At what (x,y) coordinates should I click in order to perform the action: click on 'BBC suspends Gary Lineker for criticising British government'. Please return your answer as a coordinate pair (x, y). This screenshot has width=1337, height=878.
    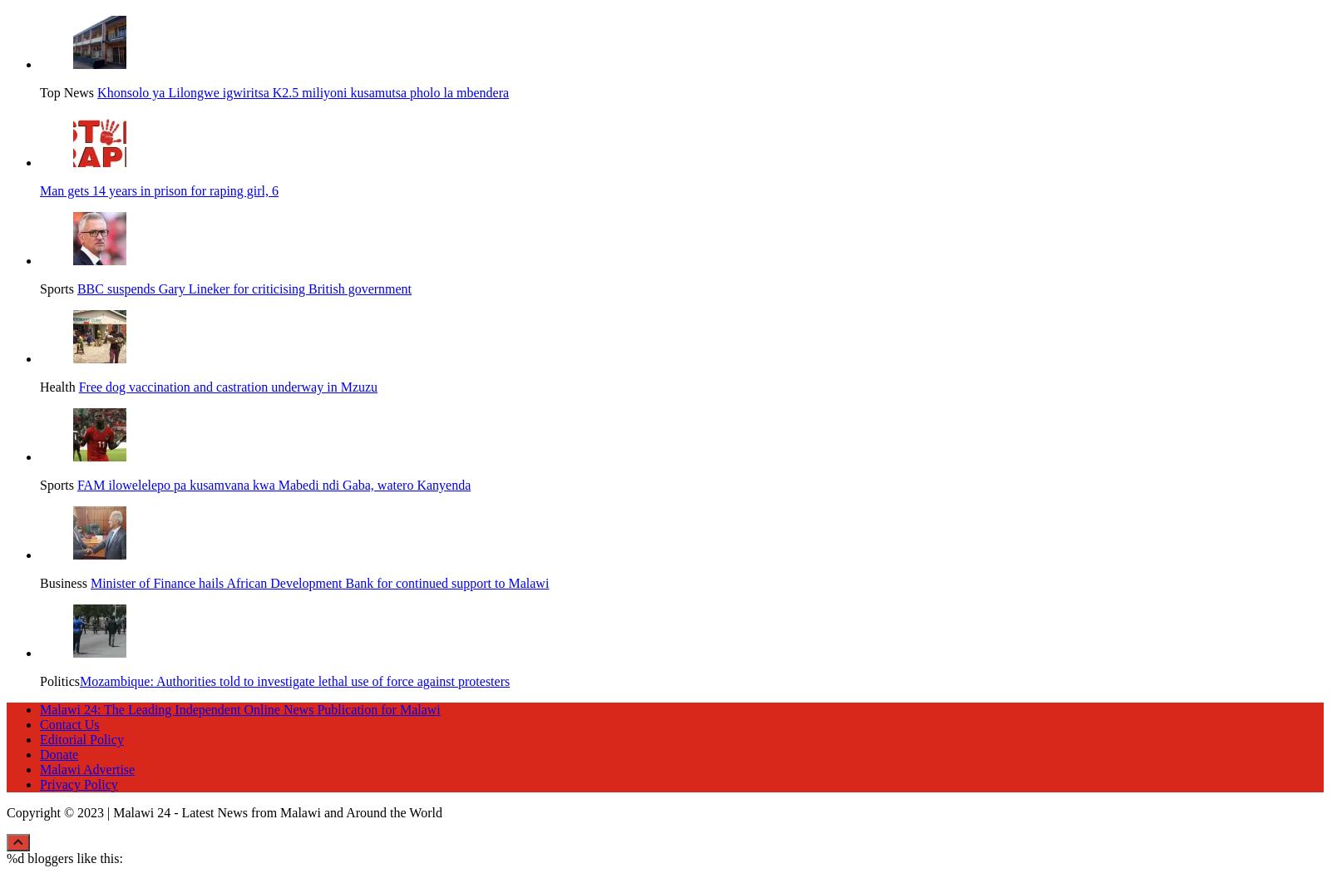
    Looking at the image, I should click on (243, 284).